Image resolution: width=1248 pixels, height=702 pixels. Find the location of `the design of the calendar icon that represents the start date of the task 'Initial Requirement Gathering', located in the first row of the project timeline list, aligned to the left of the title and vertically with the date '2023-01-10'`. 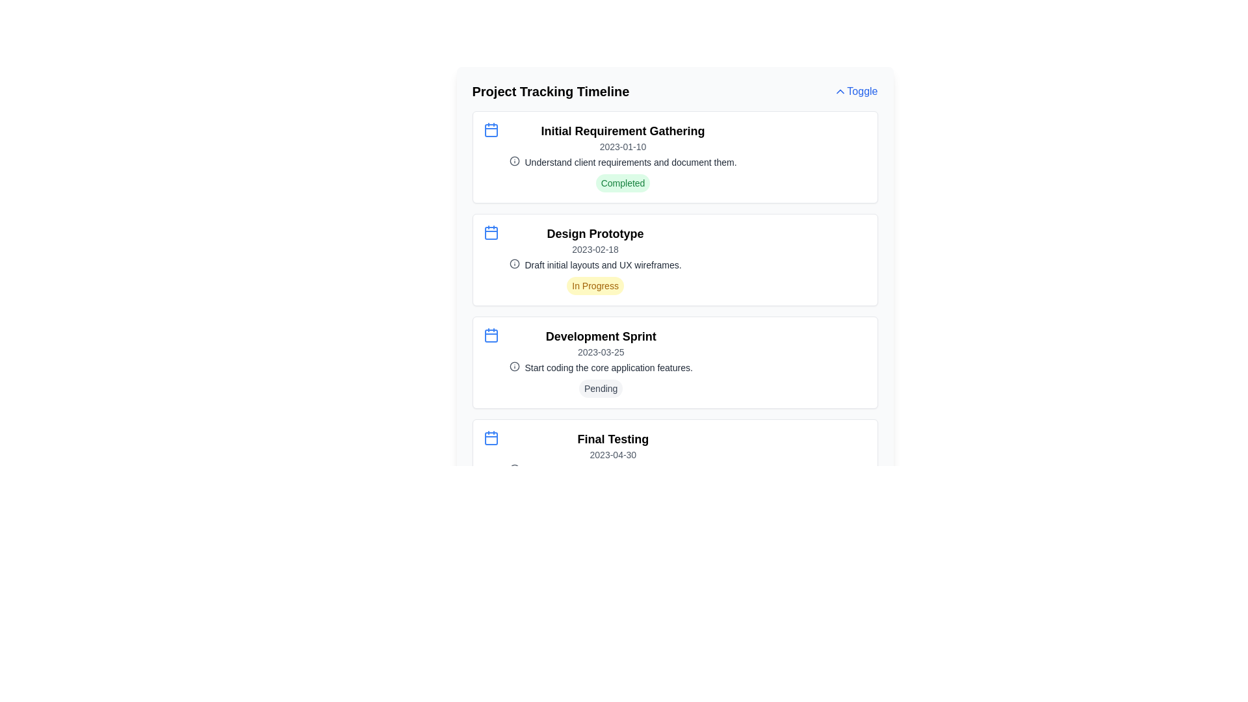

the design of the calendar icon that represents the start date of the task 'Initial Requirement Gathering', located in the first row of the project timeline list, aligned to the left of the title and vertically with the date '2023-01-10' is located at coordinates (490, 130).